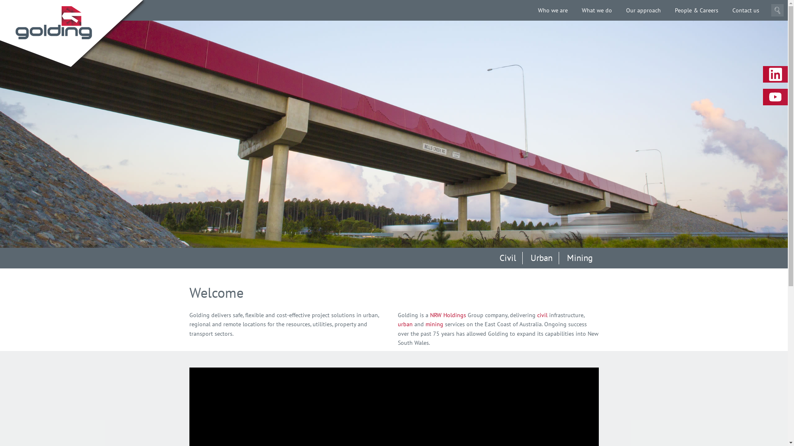 This screenshot has width=794, height=446. What do you see at coordinates (762, 97) in the screenshot?
I see `'Youtube'` at bounding box center [762, 97].